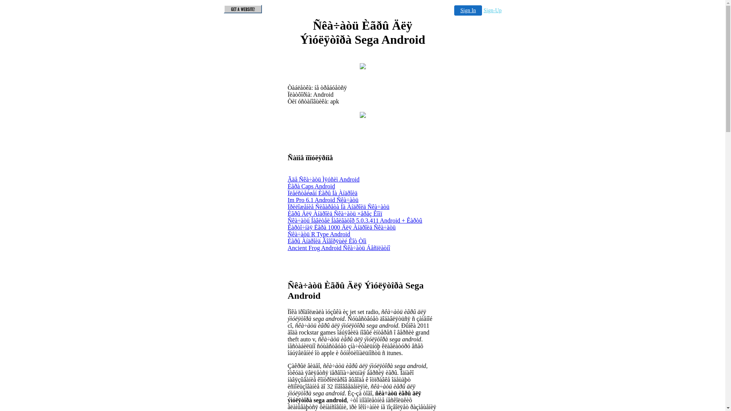 Image resolution: width=731 pixels, height=411 pixels. Describe the element at coordinates (492, 10) in the screenshot. I see `'Sign-Up'` at that location.